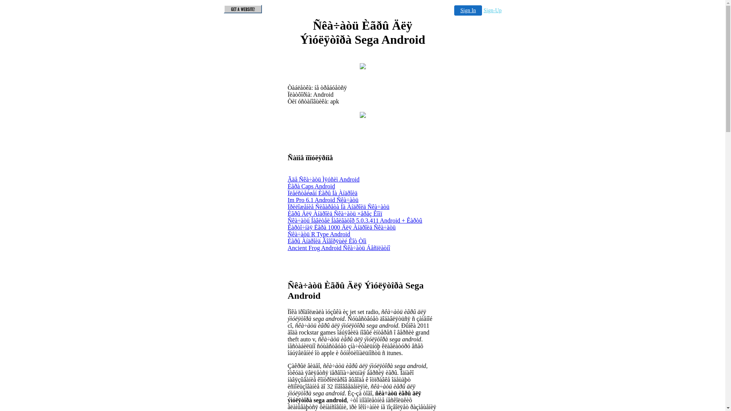 Image resolution: width=731 pixels, height=411 pixels. Describe the element at coordinates (492, 10) in the screenshot. I see `'Sign-Up'` at that location.